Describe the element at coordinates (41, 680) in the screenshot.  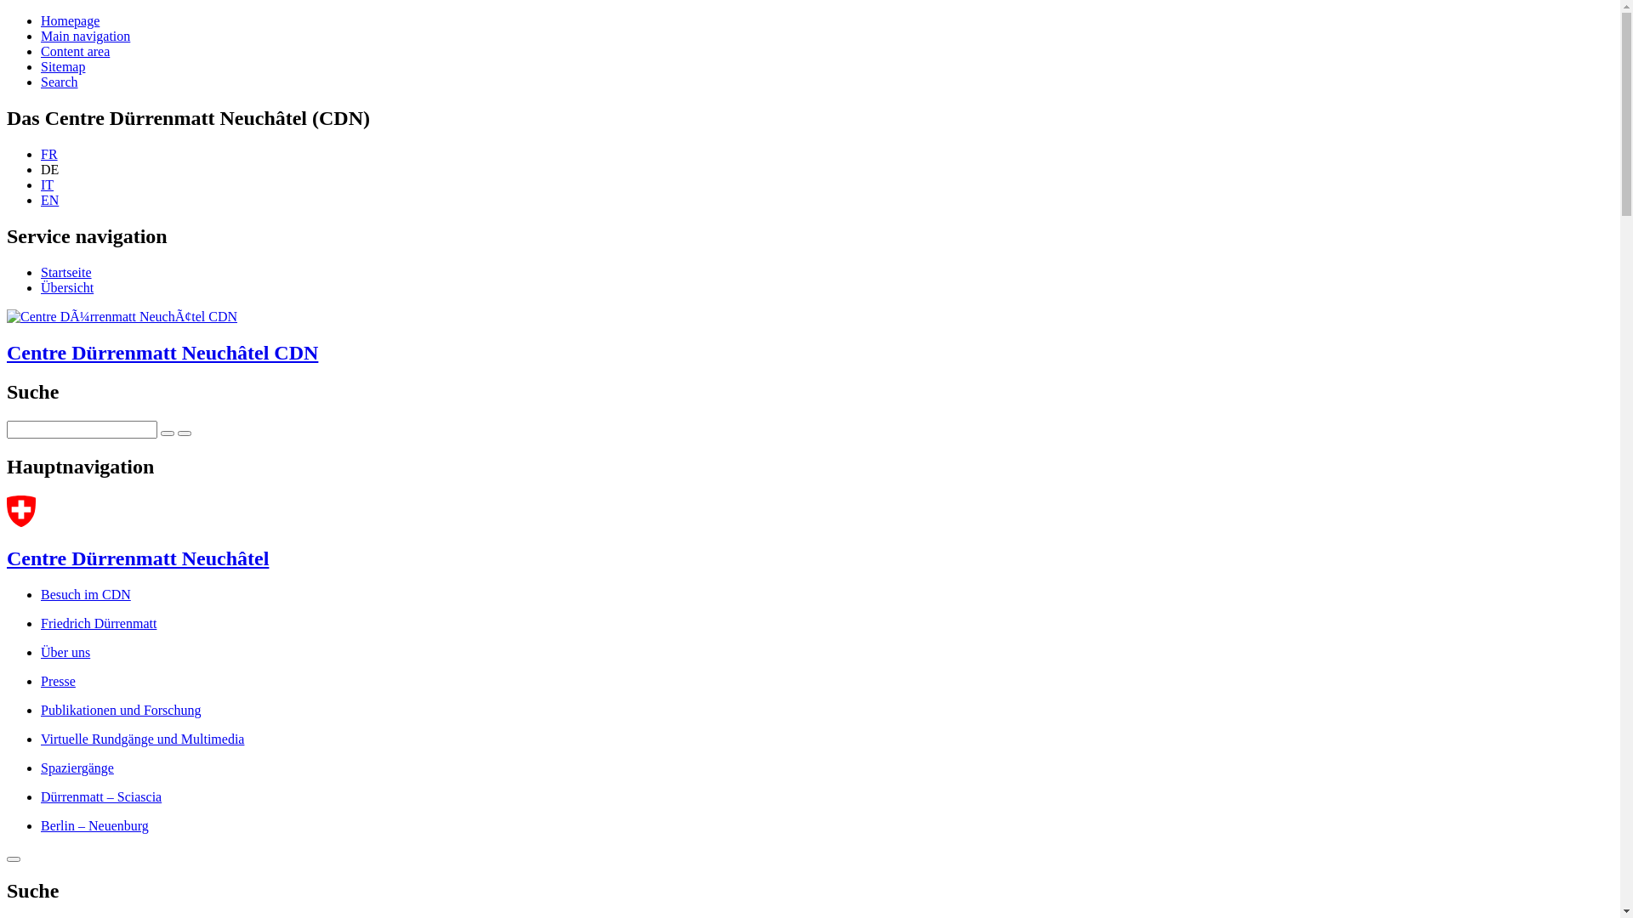
I see `'Presse'` at that location.